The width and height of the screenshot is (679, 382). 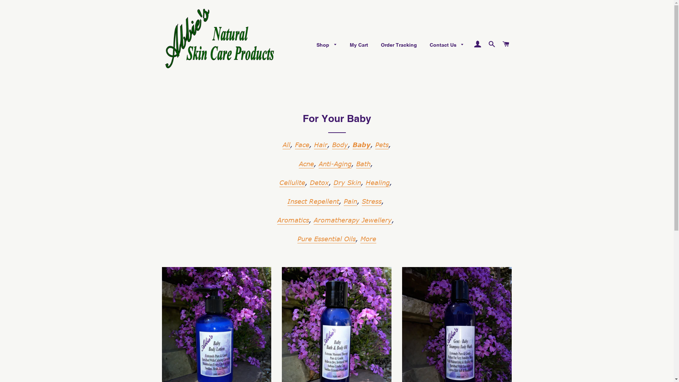 What do you see at coordinates (332, 144) in the screenshot?
I see `'Body'` at bounding box center [332, 144].